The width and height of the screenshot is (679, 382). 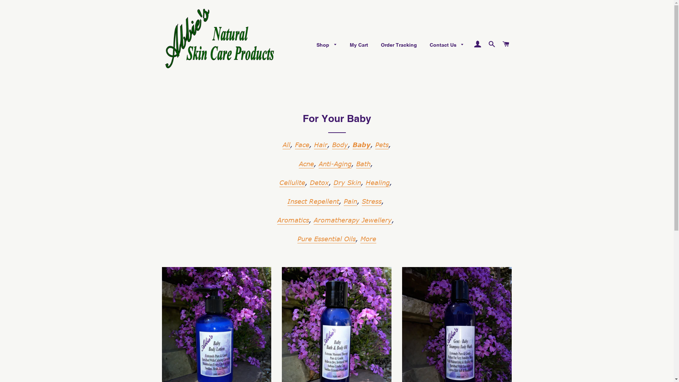 What do you see at coordinates (332, 144) in the screenshot?
I see `'Body'` at bounding box center [332, 144].